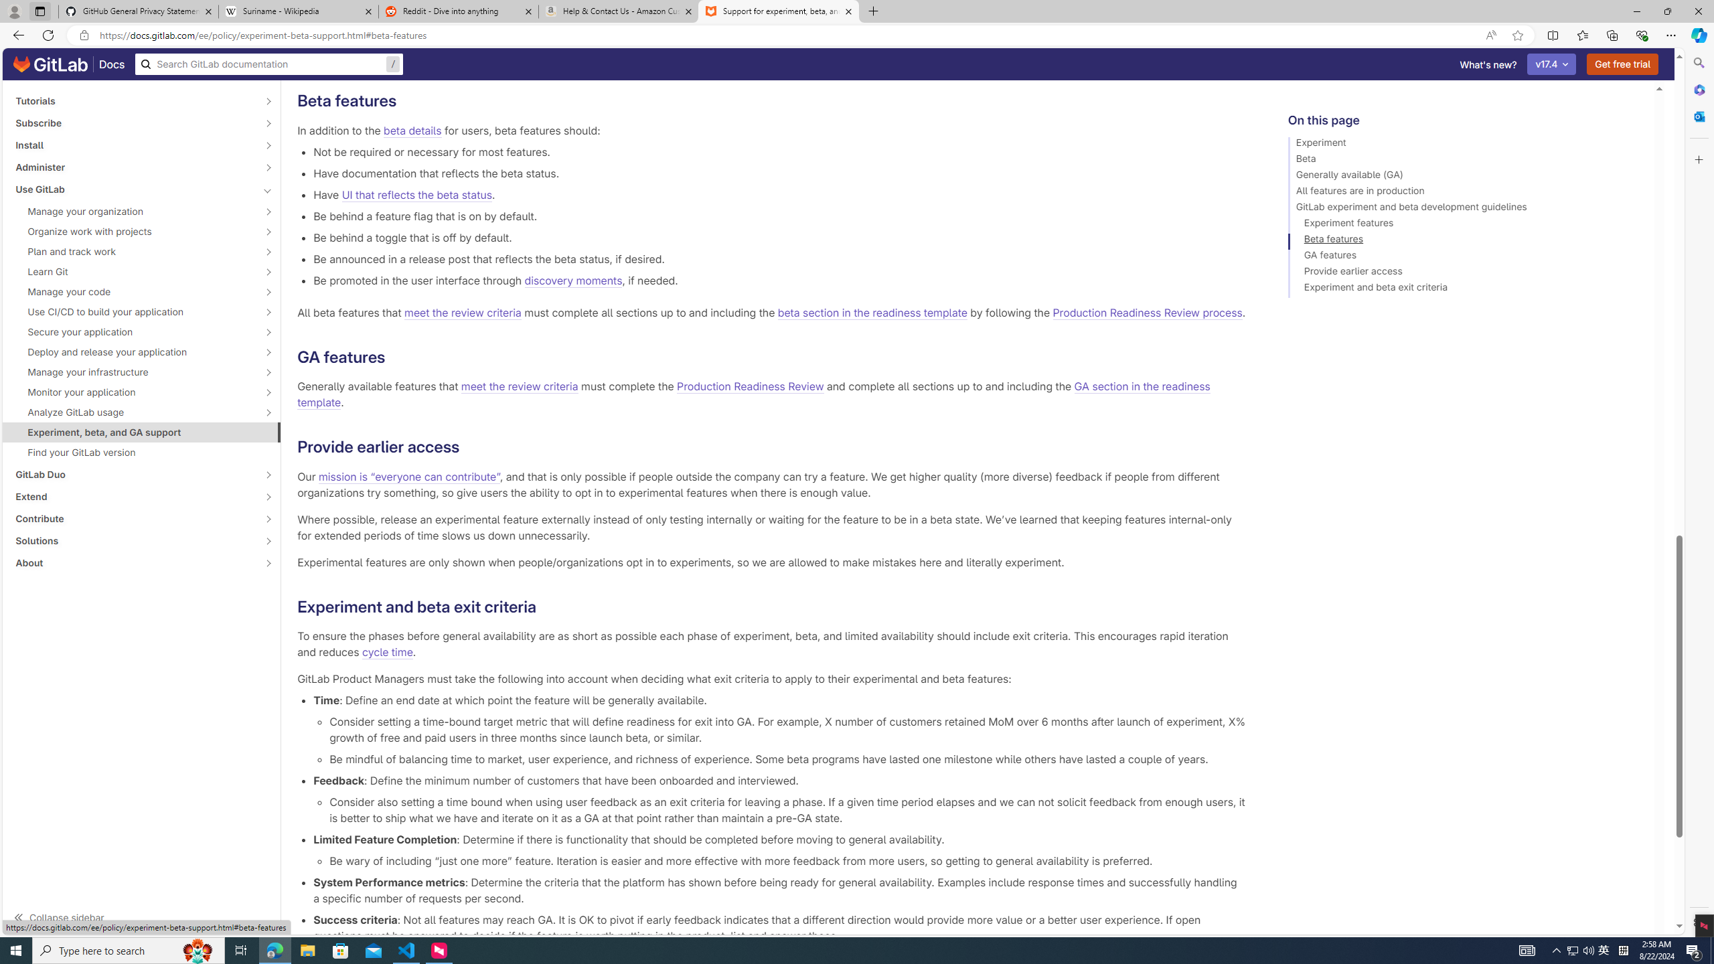 This screenshot has width=1714, height=964. I want to click on 'Analyze GitLab usage', so click(133, 411).